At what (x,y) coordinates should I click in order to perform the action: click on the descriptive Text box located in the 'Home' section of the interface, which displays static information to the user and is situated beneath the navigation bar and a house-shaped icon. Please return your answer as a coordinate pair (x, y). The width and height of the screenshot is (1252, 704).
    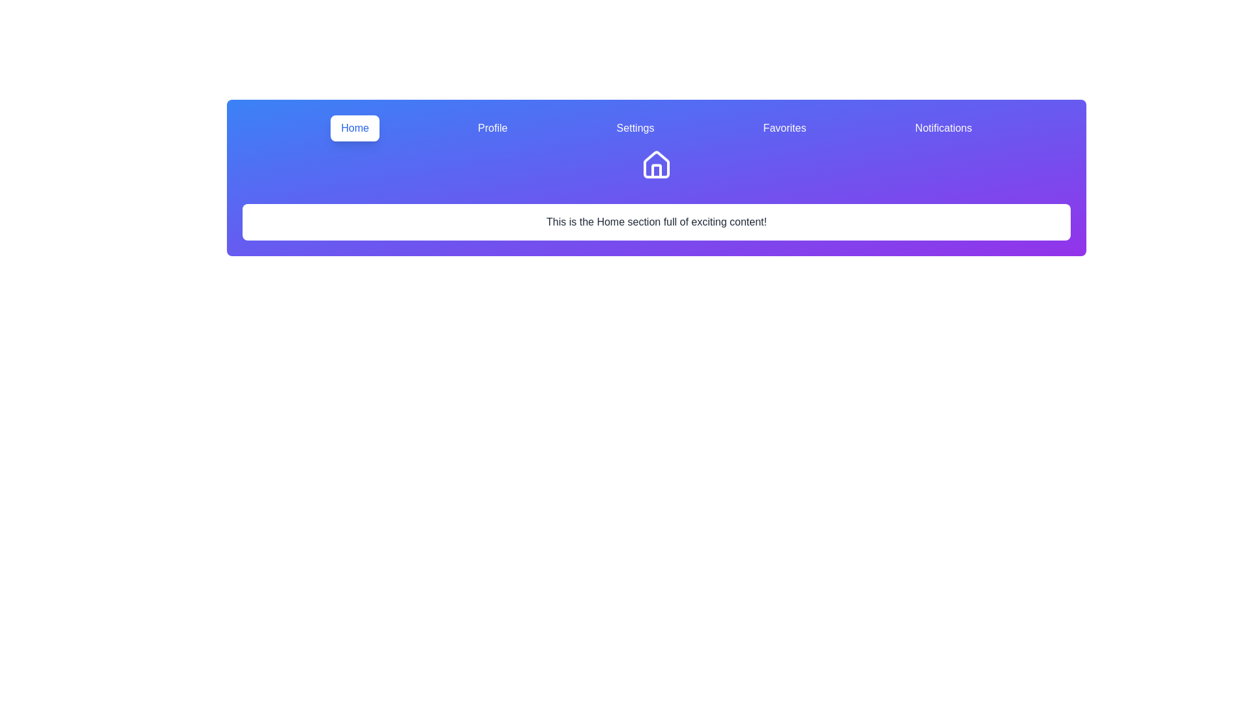
    Looking at the image, I should click on (657, 221).